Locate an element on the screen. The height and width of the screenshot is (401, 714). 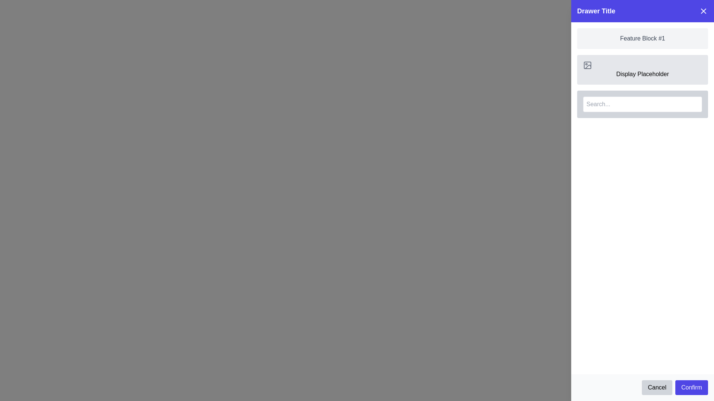
the 'Confirm' button with rounded corners and a bright indigo background is located at coordinates (691, 387).